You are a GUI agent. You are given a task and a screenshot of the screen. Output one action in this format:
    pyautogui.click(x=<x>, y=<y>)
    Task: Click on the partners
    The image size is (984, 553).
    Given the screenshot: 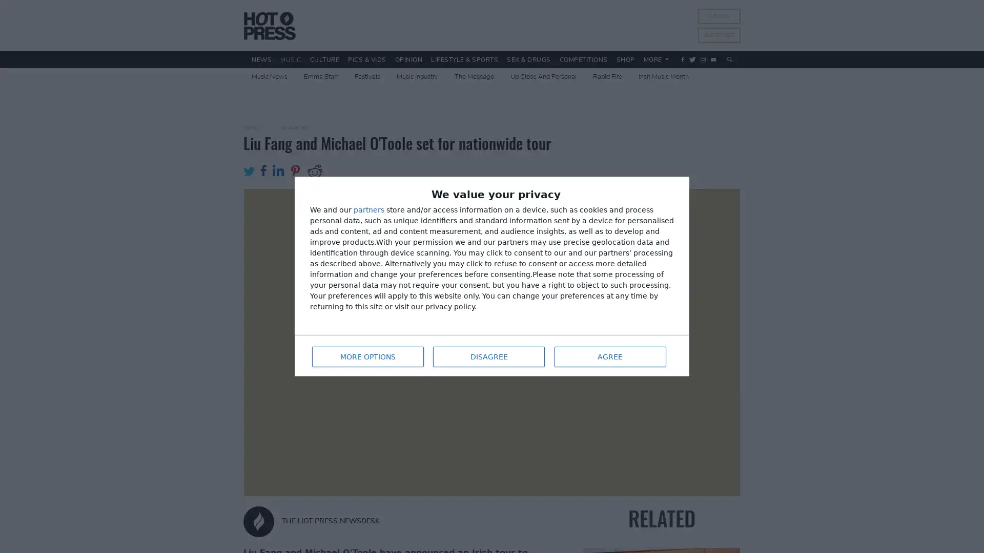 What is the action you would take?
    pyautogui.click(x=369, y=210)
    